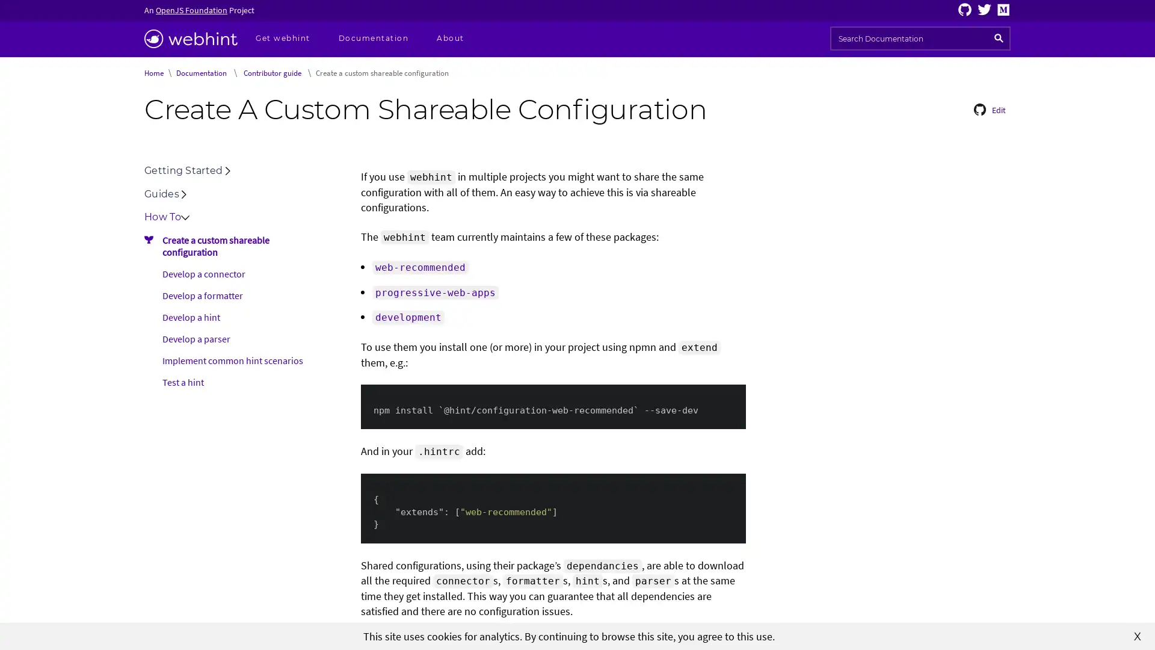 This screenshot has height=650, width=1155. What do you see at coordinates (999, 38) in the screenshot?
I see `search` at bounding box center [999, 38].